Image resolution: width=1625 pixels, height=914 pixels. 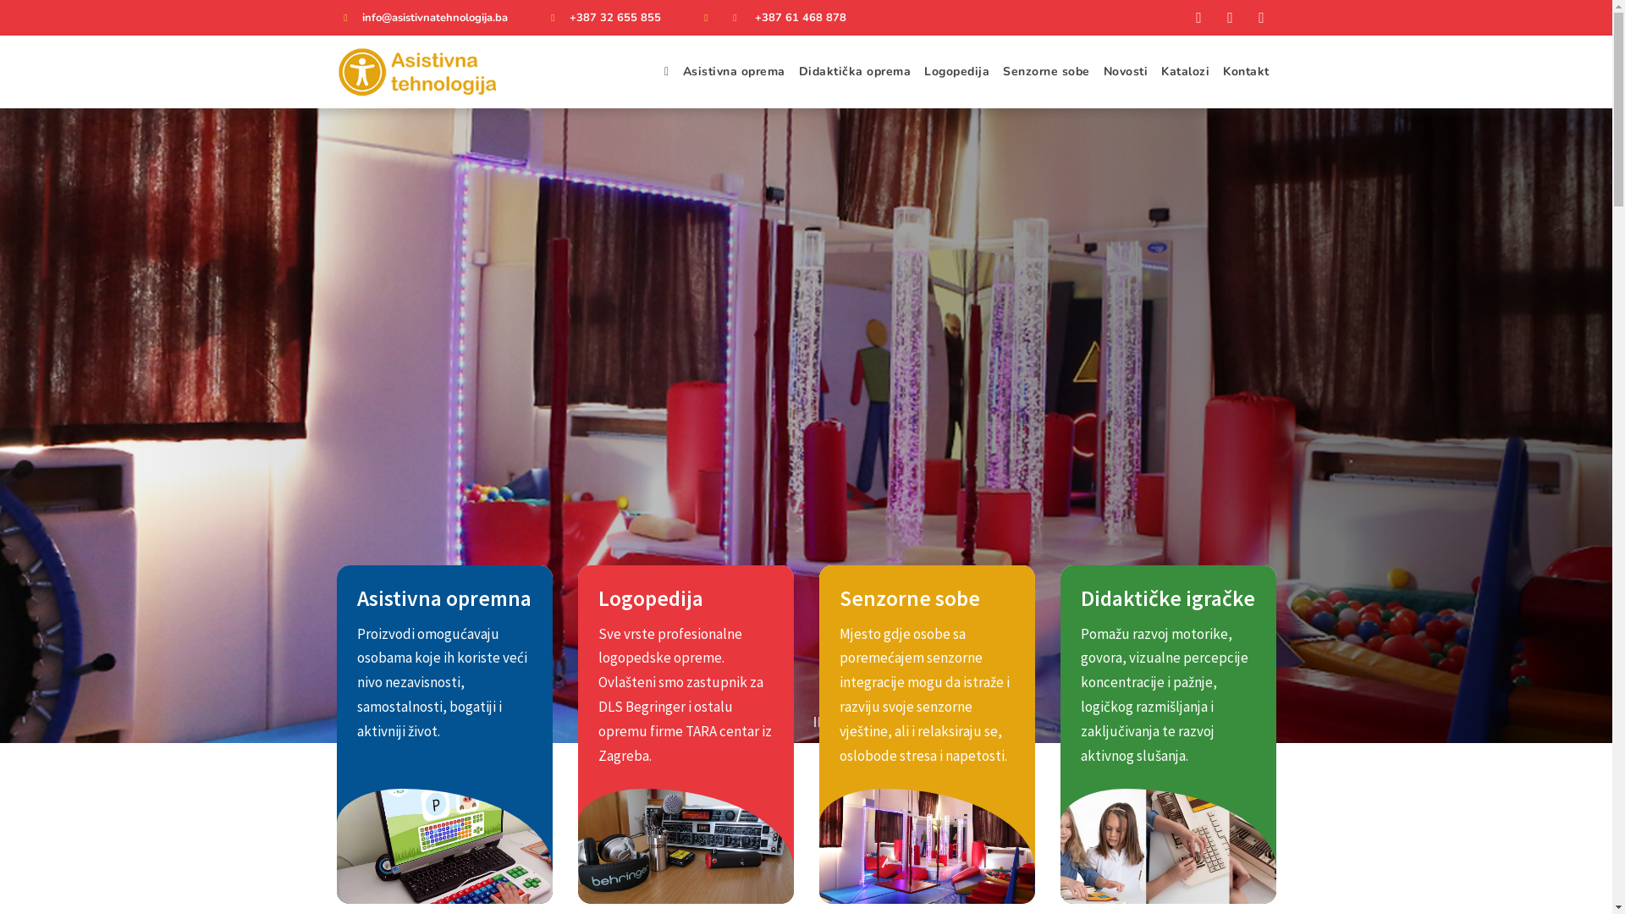 I want to click on 'Senzorne sobe', so click(x=1045, y=70).